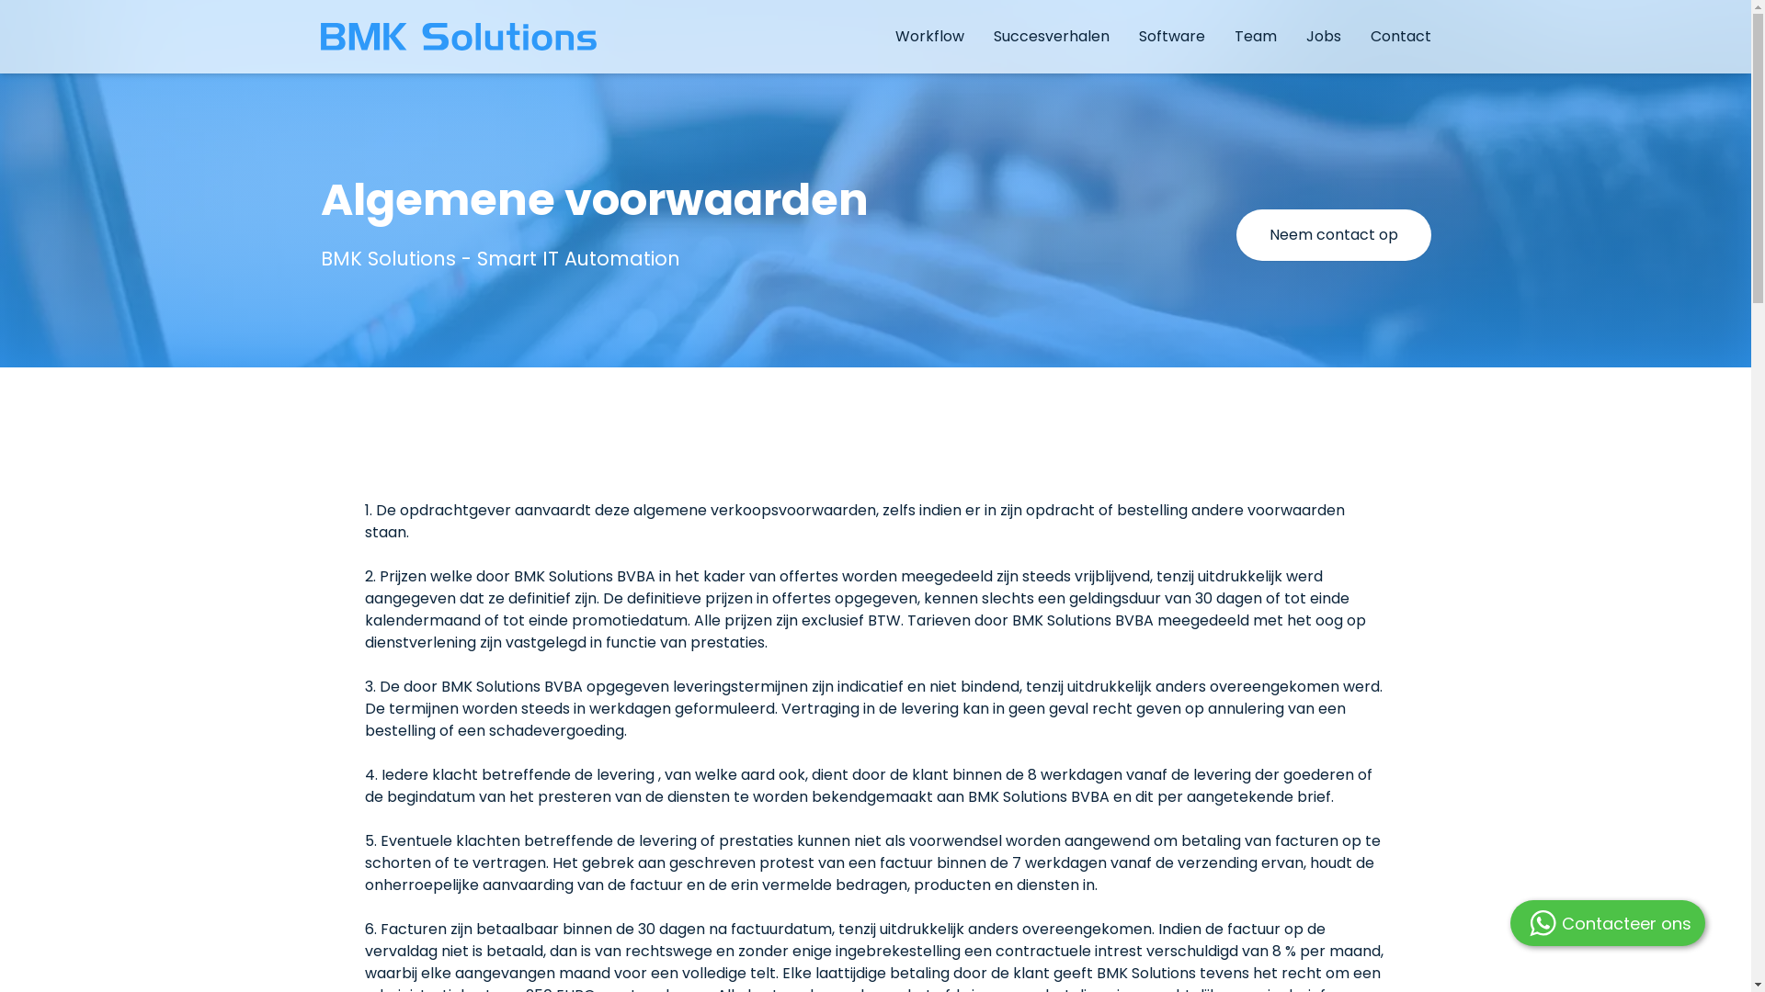 Image resolution: width=1765 pixels, height=992 pixels. I want to click on 'Software', so click(1169, 36).